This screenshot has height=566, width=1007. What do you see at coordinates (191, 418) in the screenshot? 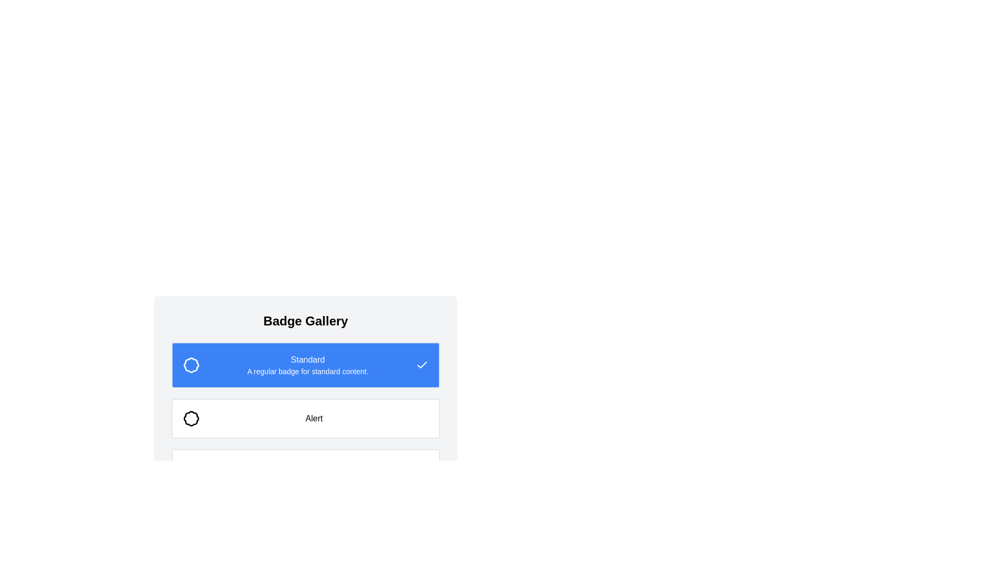
I see `the alert badge SVG icon located to the left of the 'Alert' text, which is beneath the 'Badge Gallery' title and the blue 'Standard' section` at bounding box center [191, 418].